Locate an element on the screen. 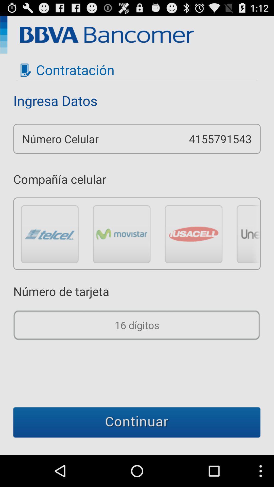 The height and width of the screenshot is (487, 274). continue is located at coordinates (137, 422).